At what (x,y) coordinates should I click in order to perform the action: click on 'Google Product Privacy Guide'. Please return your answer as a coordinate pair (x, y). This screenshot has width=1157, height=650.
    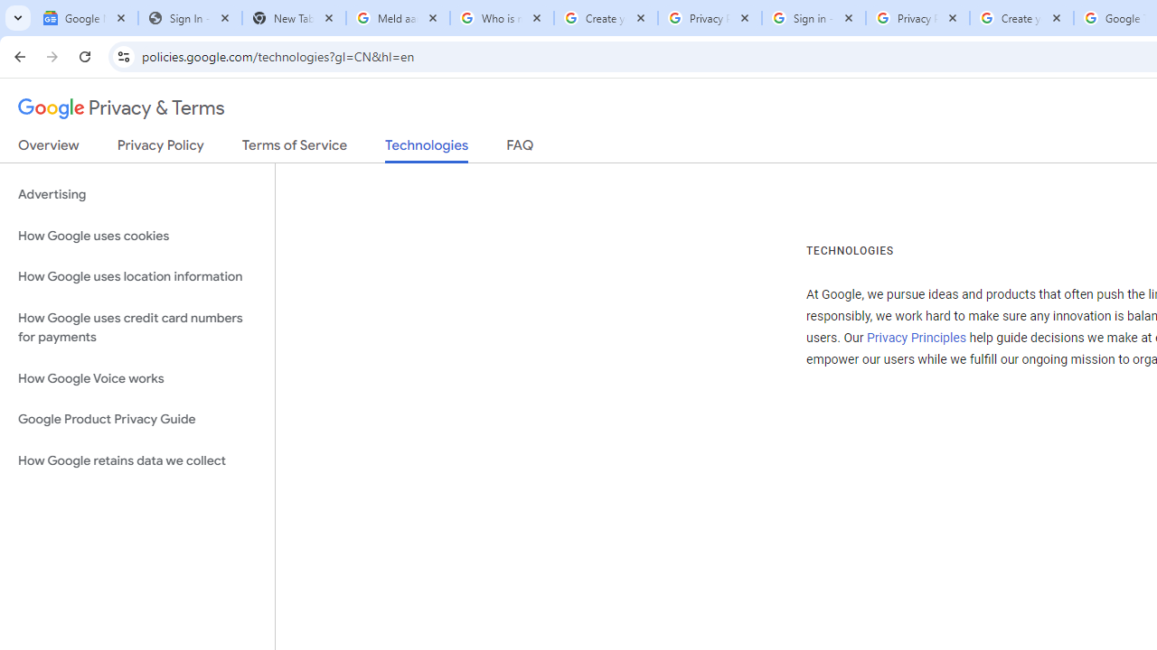
    Looking at the image, I should click on (136, 420).